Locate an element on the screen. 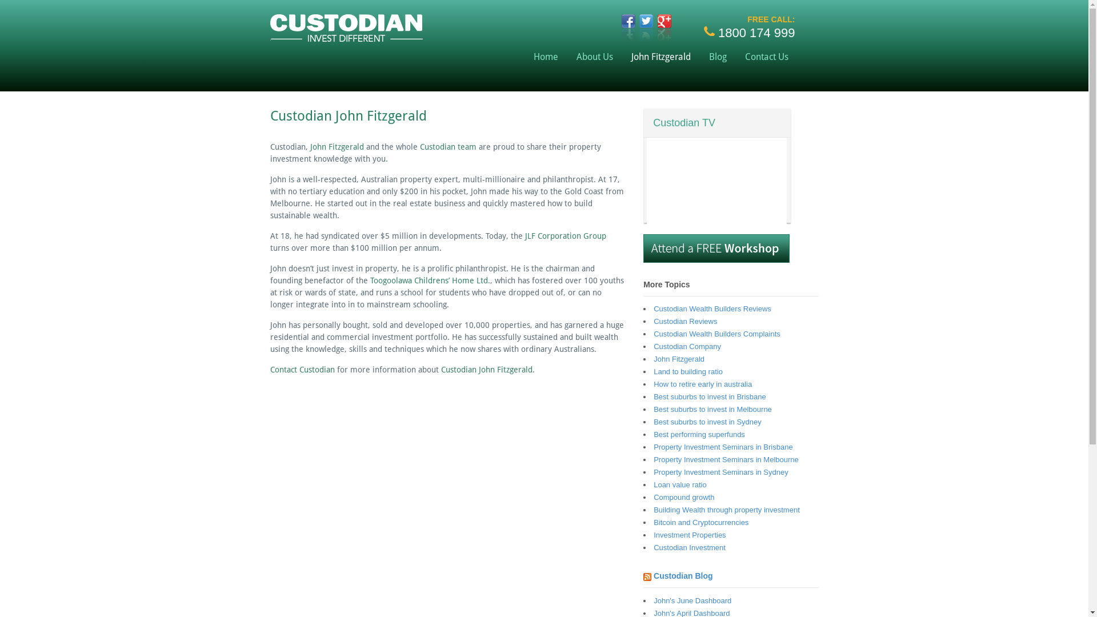 The image size is (1097, 617). 'Blog' is located at coordinates (699, 57).